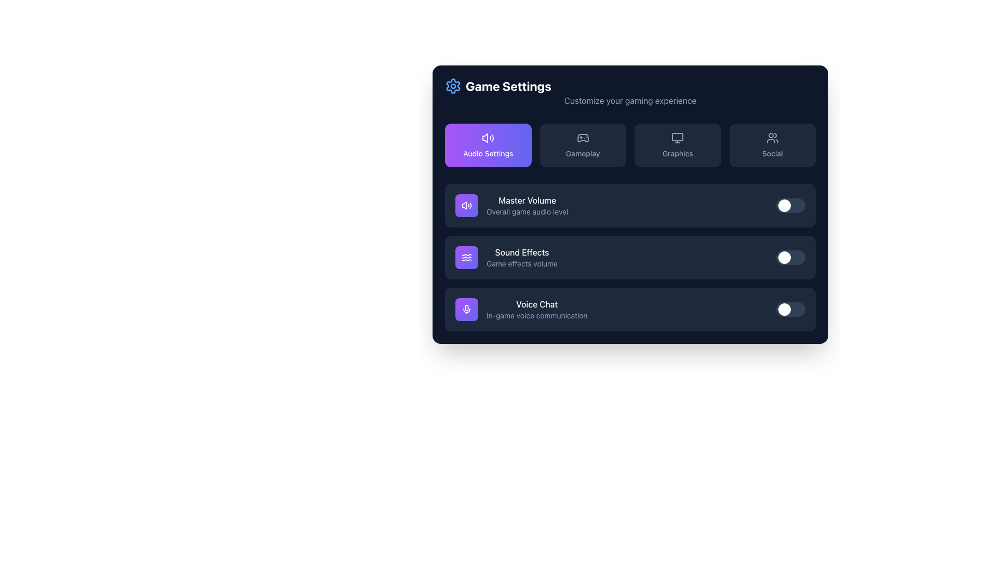 This screenshot has width=997, height=561. I want to click on description of the in-game voice communication feature, which is the third option in the settings interface, located below 'Sound Effects' and above a toggle switch, so click(537, 309).